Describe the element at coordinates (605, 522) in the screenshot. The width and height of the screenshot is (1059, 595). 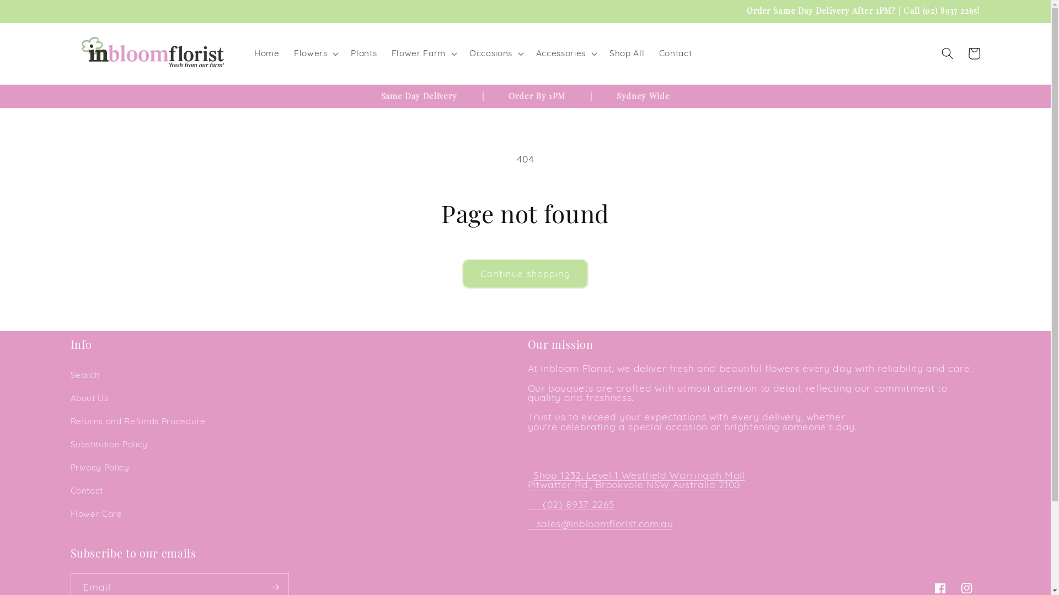
I see `'sales@inbloomflorist.com.au'` at that location.